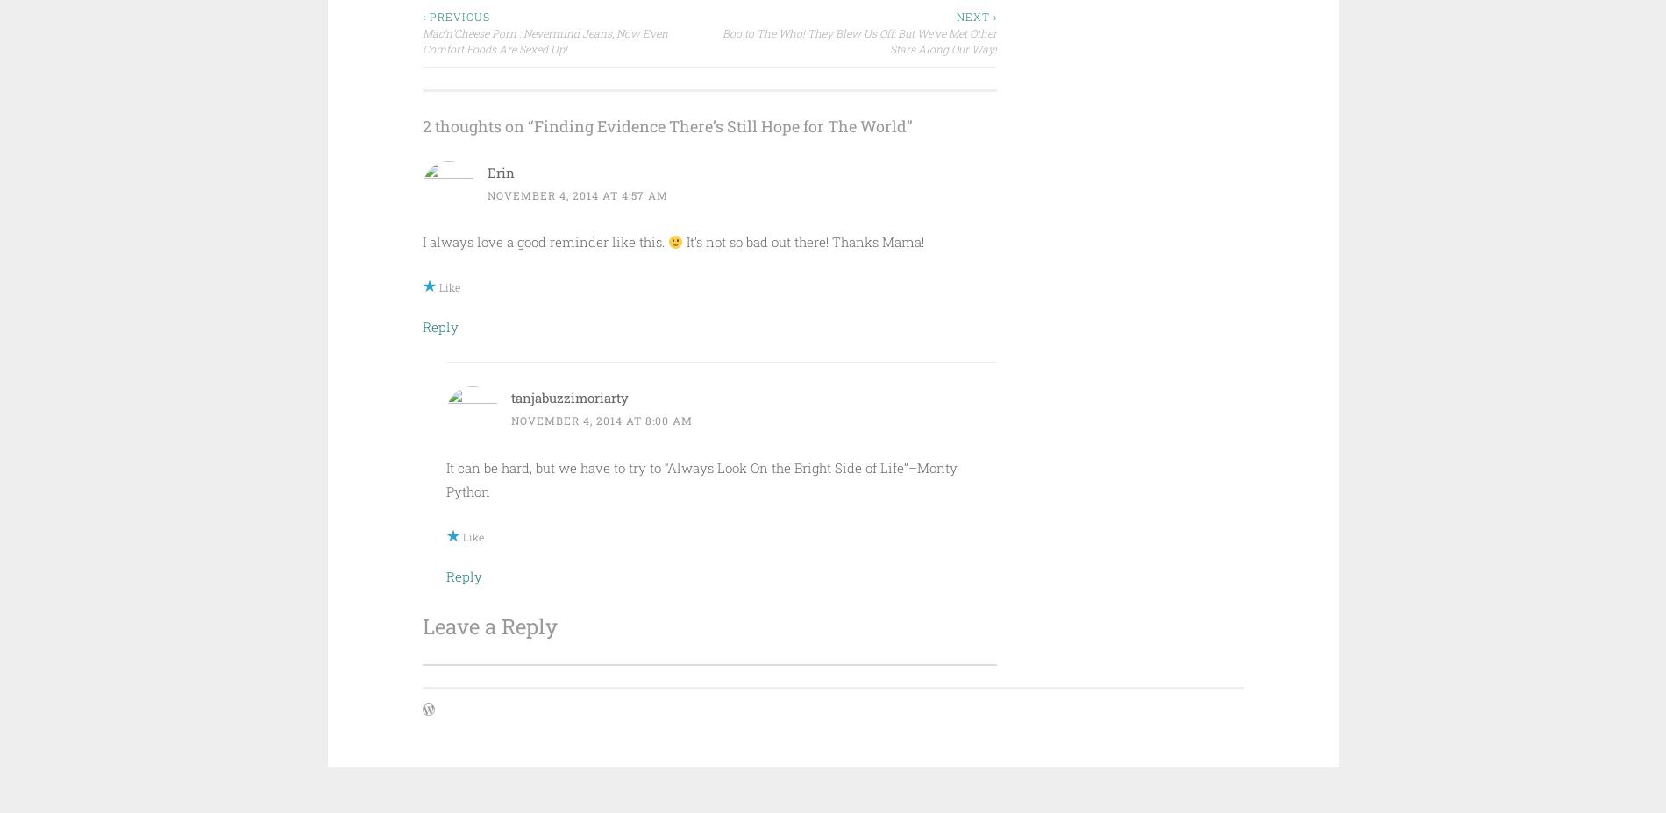 The width and height of the screenshot is (1666, 813). What do you see at coordinates (509, 419) in the screenshot?
I see `'November 4, 2014 at 8:00 am'` at bounding box center [509, 419].